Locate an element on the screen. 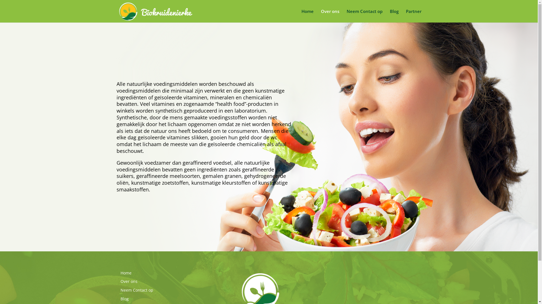 Image resolution: width=542 pixels, height=304 pixels. 'Partner' is located at coordinates (414, 15).